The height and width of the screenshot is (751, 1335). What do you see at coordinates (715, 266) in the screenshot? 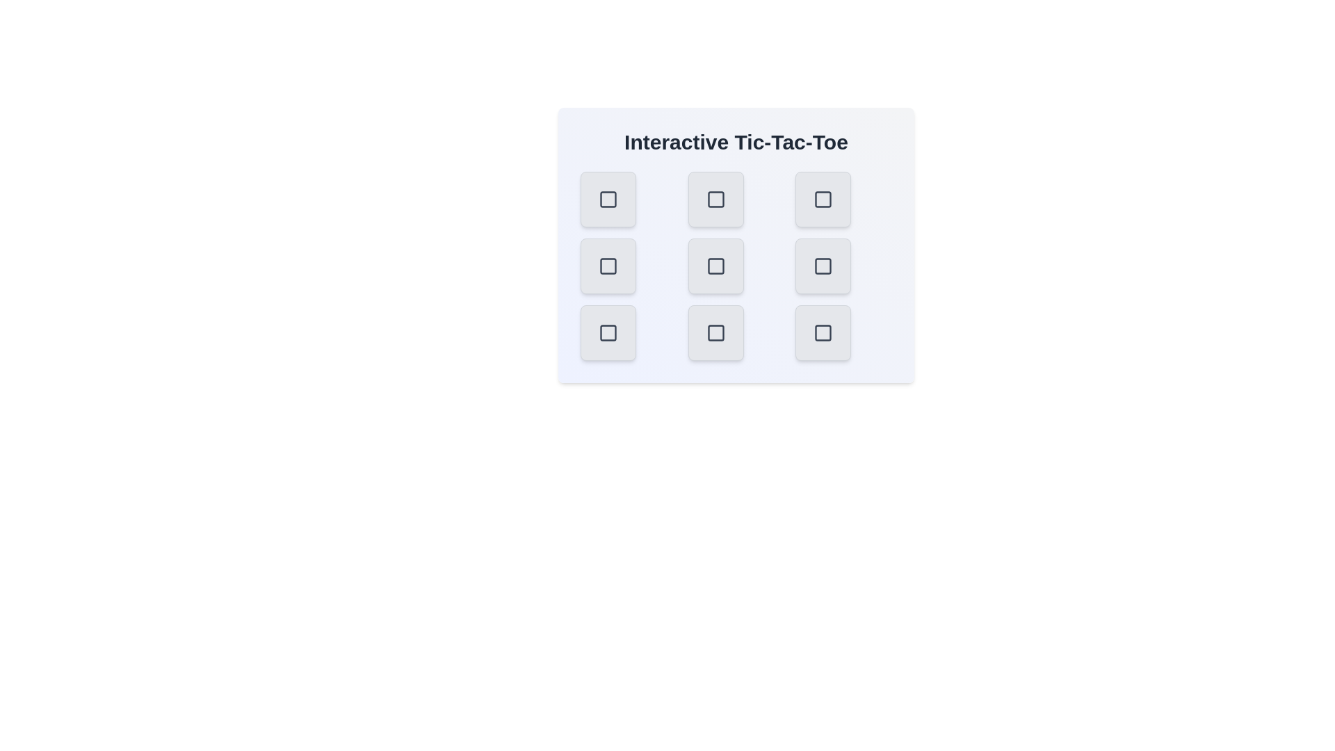
I see `the button at middle-center` at bounding box center [715, 266].